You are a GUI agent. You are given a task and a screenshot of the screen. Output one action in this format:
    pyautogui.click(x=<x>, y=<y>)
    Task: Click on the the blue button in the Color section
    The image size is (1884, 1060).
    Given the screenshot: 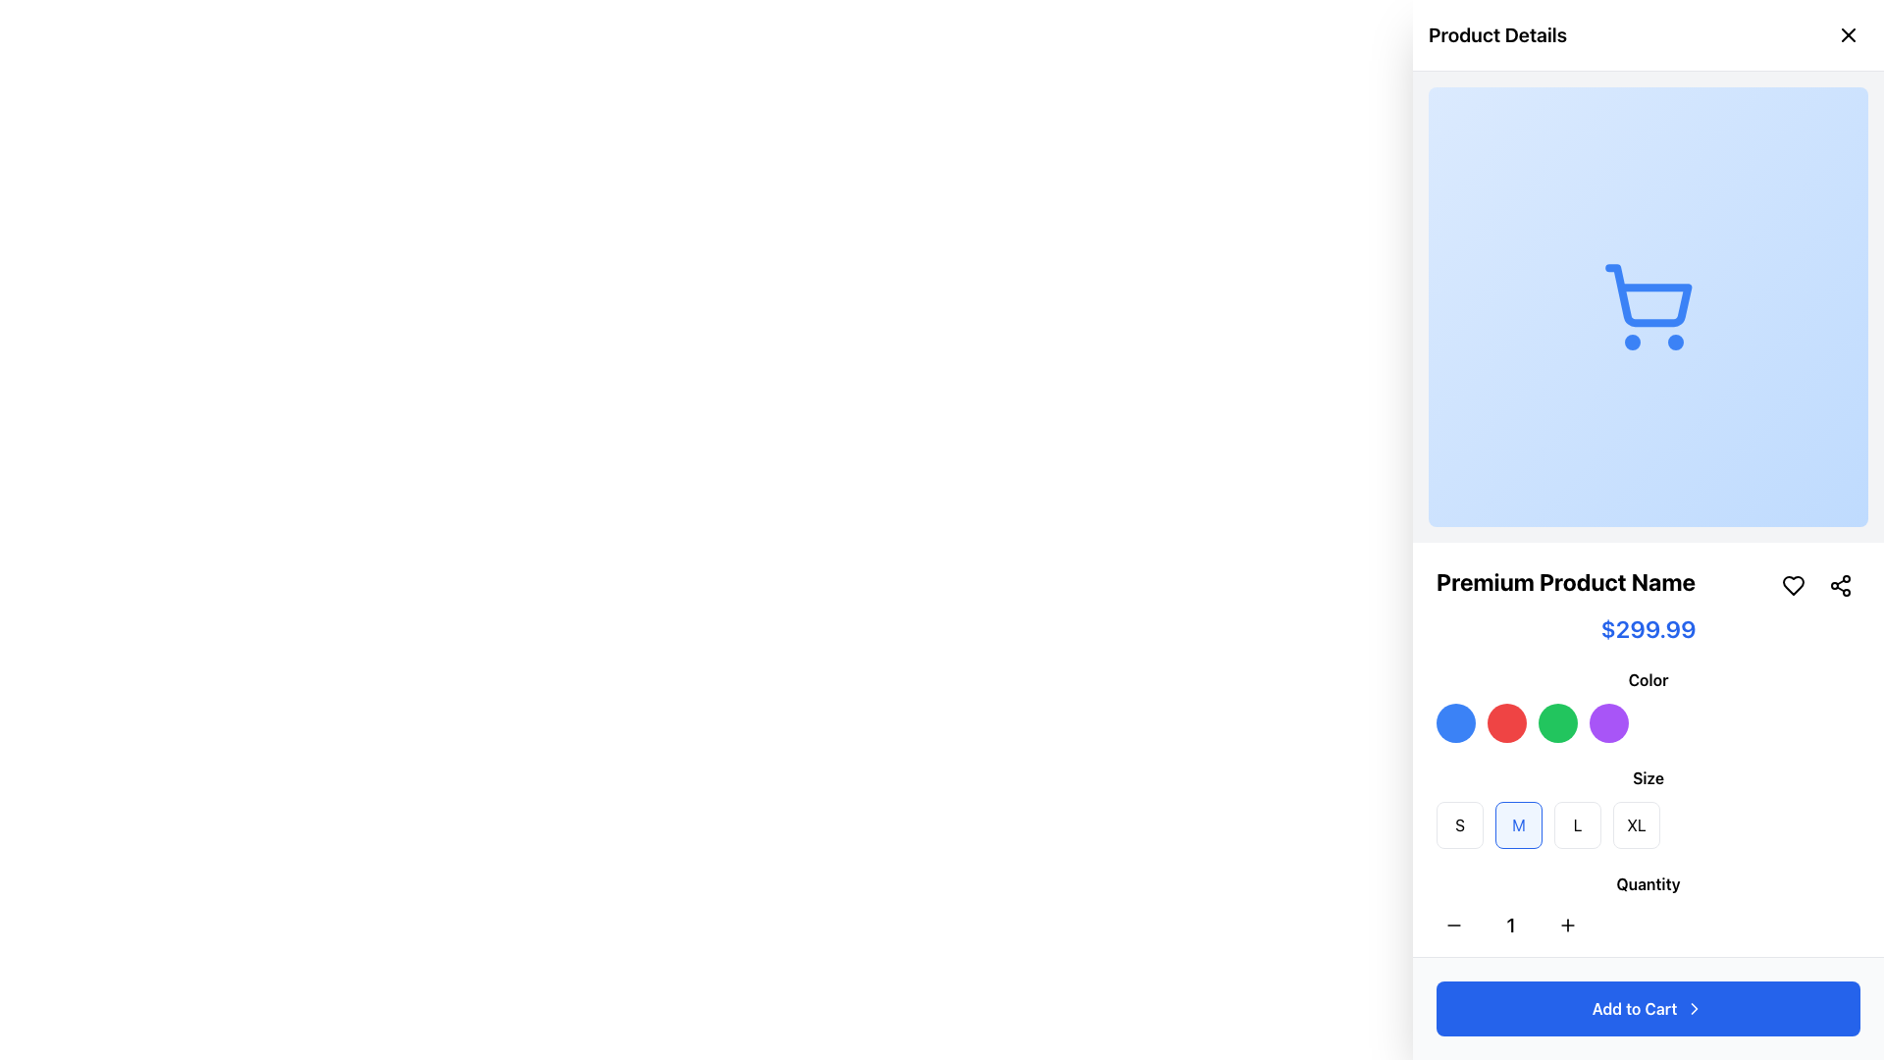 What is the action you would take?
    pyautogui.click(x=1648, y=722)
    